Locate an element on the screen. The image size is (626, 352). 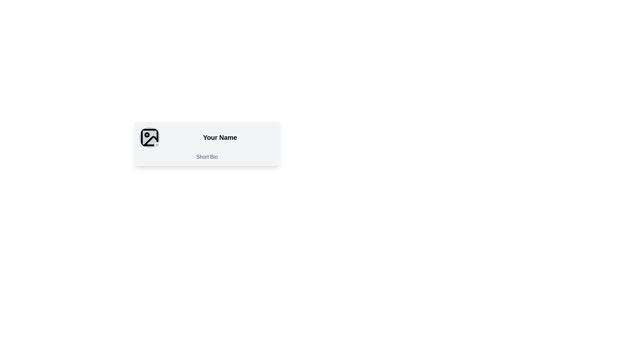
the small rectangular shape located in the top-left corner of the picture frame icon, which features rounded corners is located at coordinates (149, 137).